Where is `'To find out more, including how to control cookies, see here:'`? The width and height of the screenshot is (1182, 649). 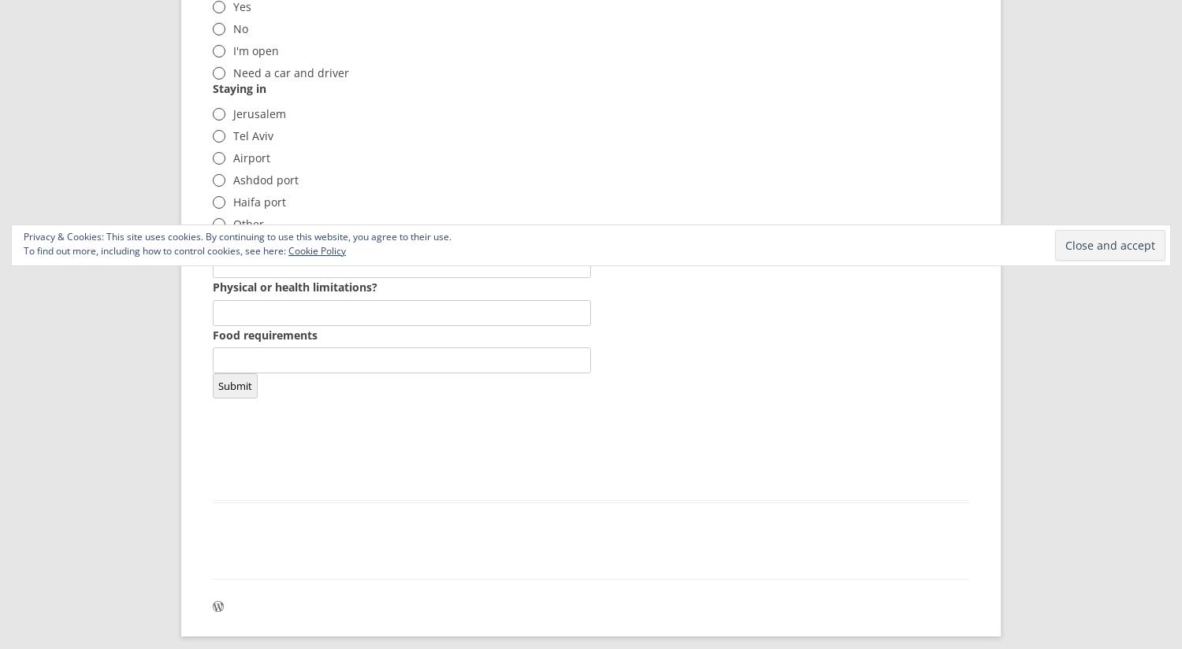
'To find out more, including how to control cookies, see here:' is located at coordinates (155, 250).